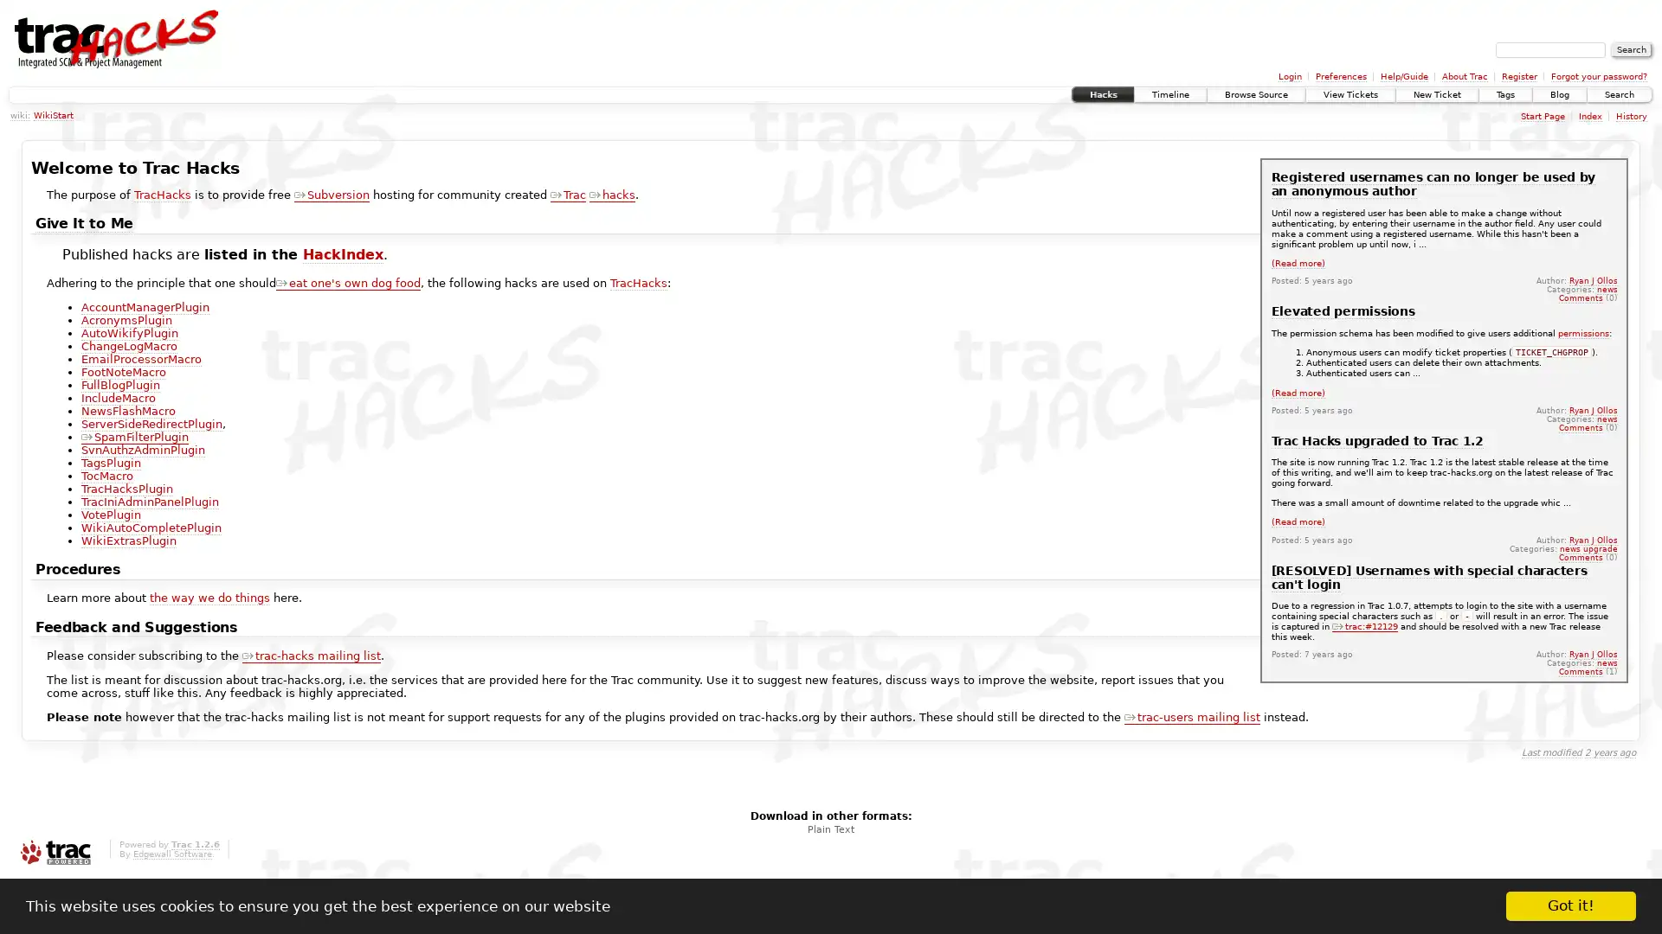 Image resolution: width=1662 pixels, height=934 pixels. What do you see at coordinates (1631, 48) in the screenshot?
I see `Search` at bounding box center [1631, 48].